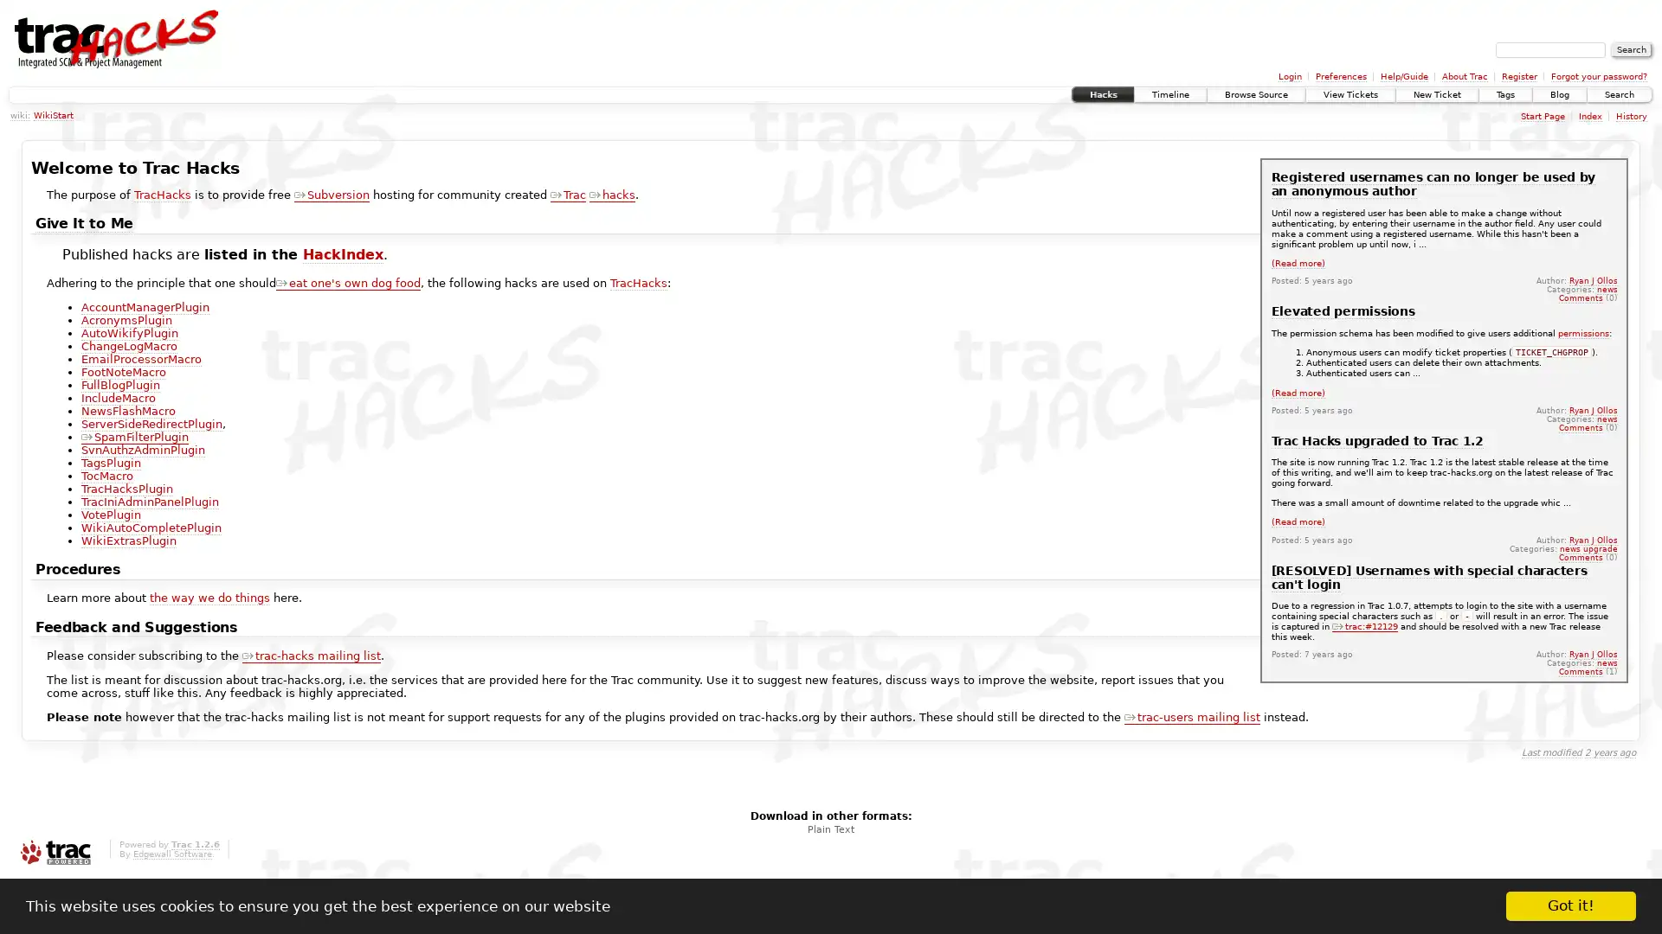 Image resolution: width=1662 pixels, height=934 pixels. What do you see at coordinates (1631, 48) in the screenshot?
I see `Search` at bounding box center [1631, 48].